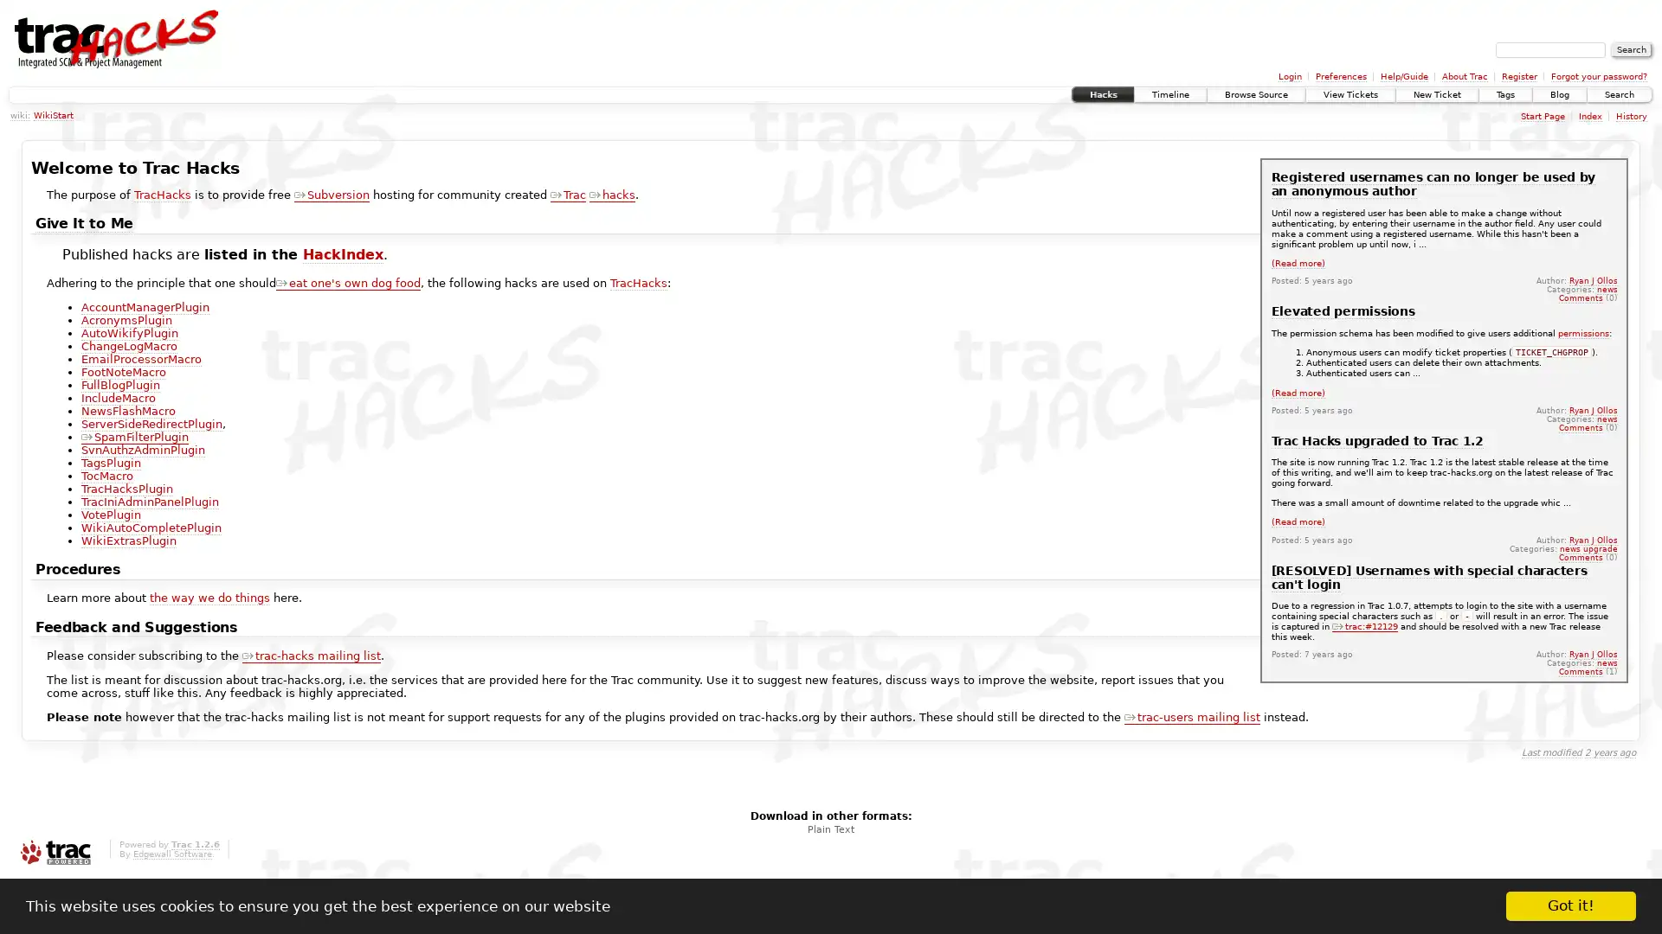 Image resolution: width=1662 pixels, height=934 pixels. What do you see at coordinates (1631, 48) in the screenshot?
I see `Search` at bounding box center [1631, 48].